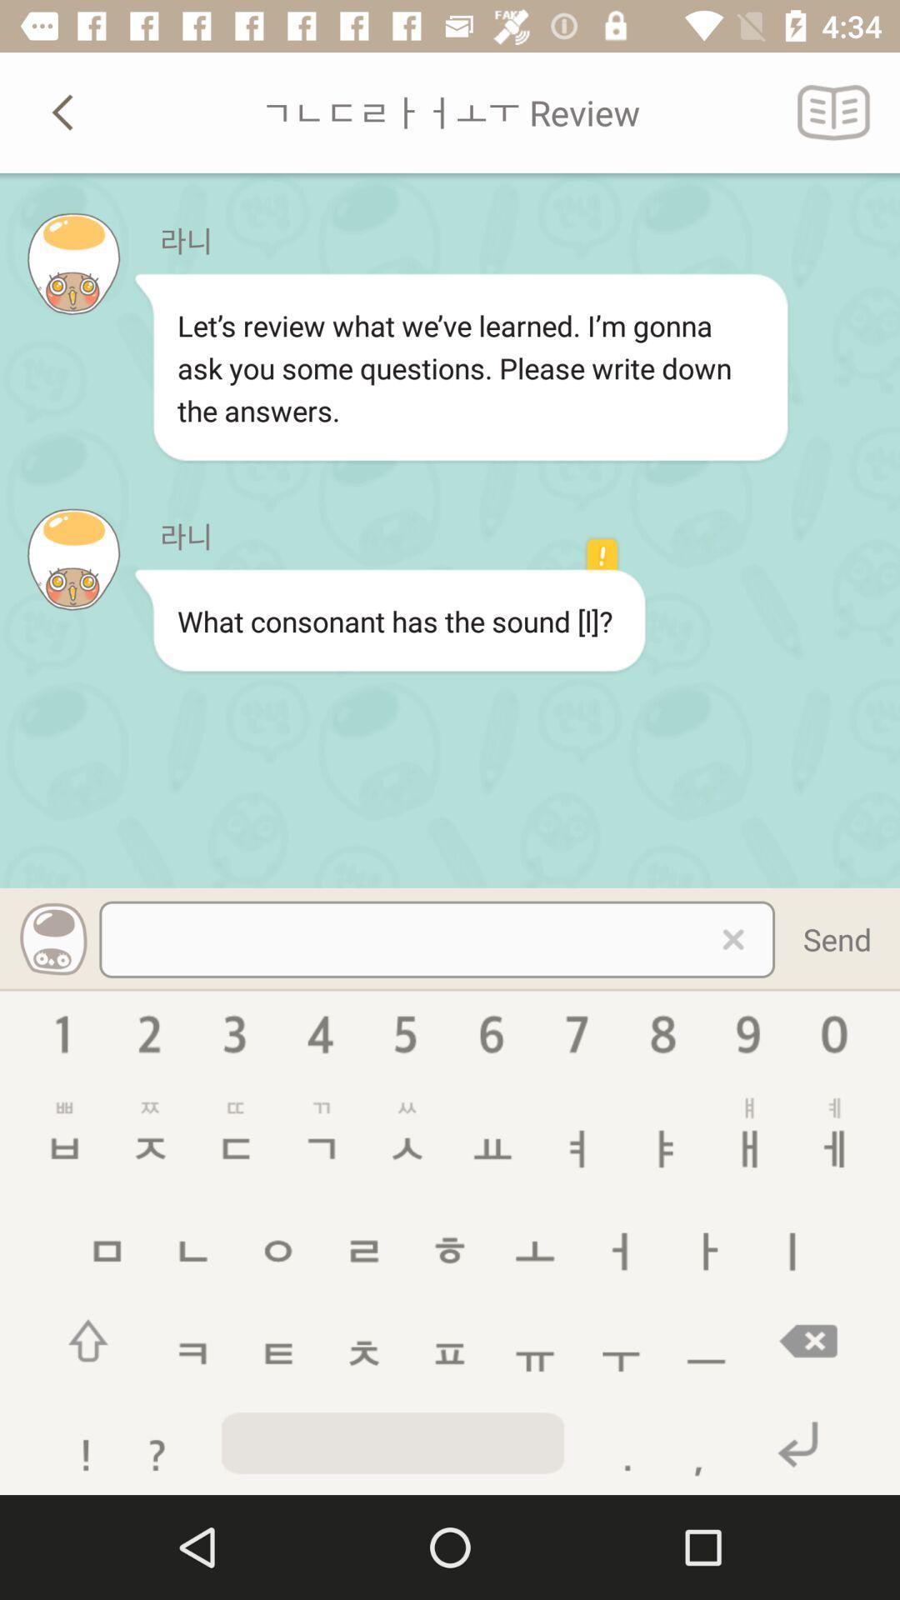  I want to click on the help icon, so click(150, 1037).